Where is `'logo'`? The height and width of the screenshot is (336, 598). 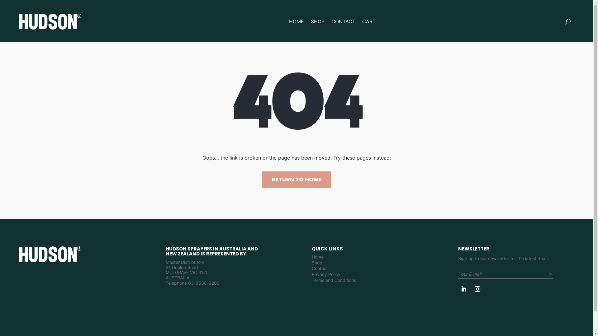
'logo' is located at coordinates (50, 254).